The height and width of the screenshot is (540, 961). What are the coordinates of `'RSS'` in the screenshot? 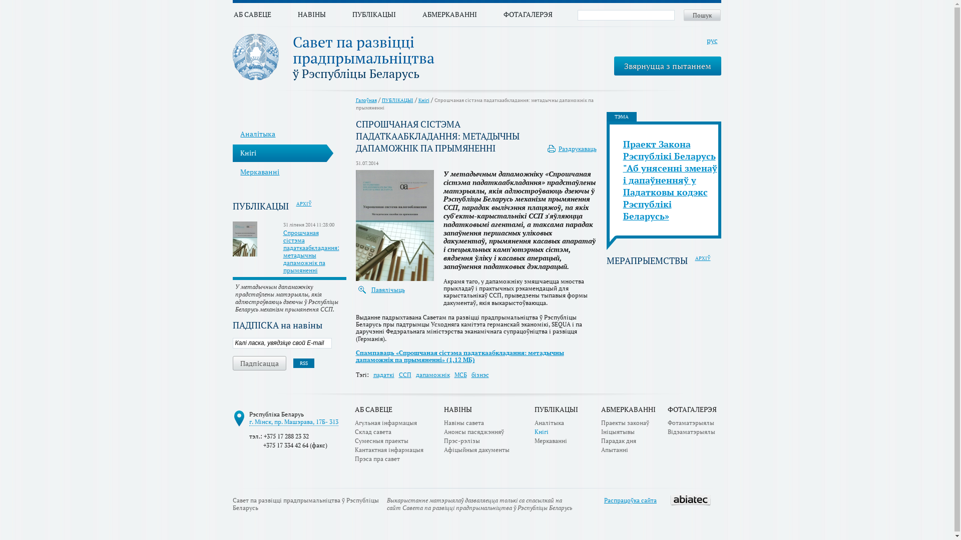 It's located at (303, 363).